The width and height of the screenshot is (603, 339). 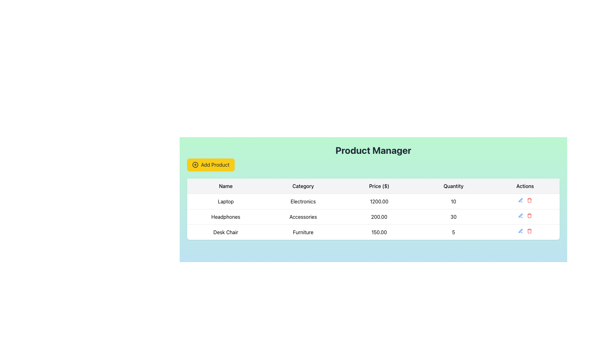 What do you see at coordinates (521, 231) in the screenshot?
I see `the blue pencil-shaped icon in the 'Actions' column of the second row to initiate editing` at bounding box center [521, 231].